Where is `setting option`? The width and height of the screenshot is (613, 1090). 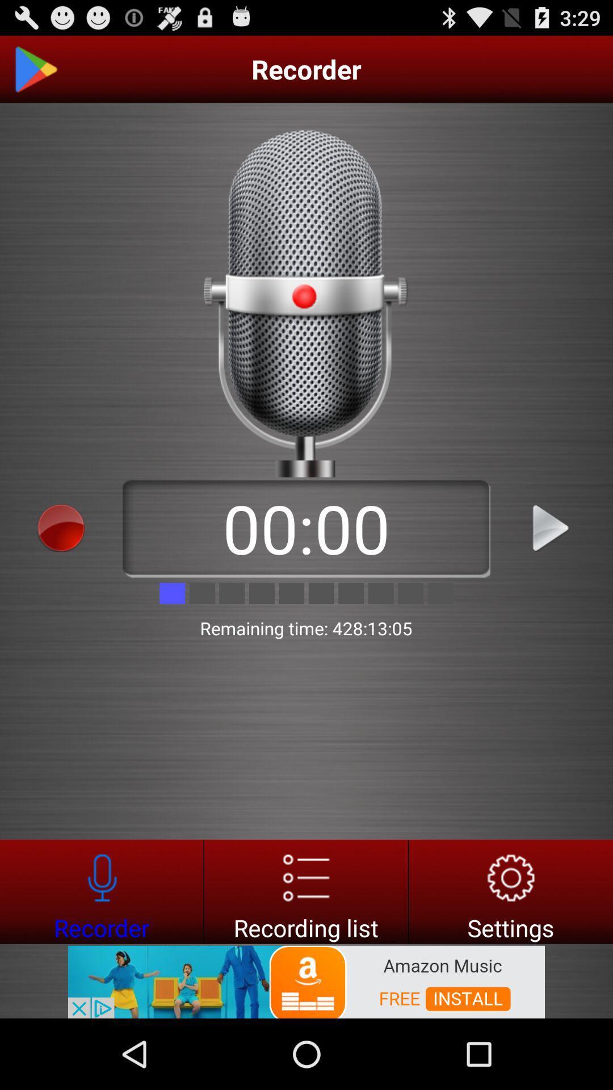 setting option is located at coordinates (511, 891).